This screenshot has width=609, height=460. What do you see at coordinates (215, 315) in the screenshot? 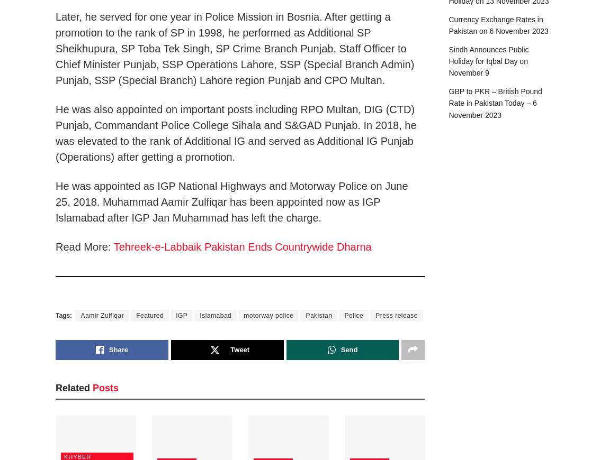
I see `'Islamabad'` at bounding box center [215, 315].